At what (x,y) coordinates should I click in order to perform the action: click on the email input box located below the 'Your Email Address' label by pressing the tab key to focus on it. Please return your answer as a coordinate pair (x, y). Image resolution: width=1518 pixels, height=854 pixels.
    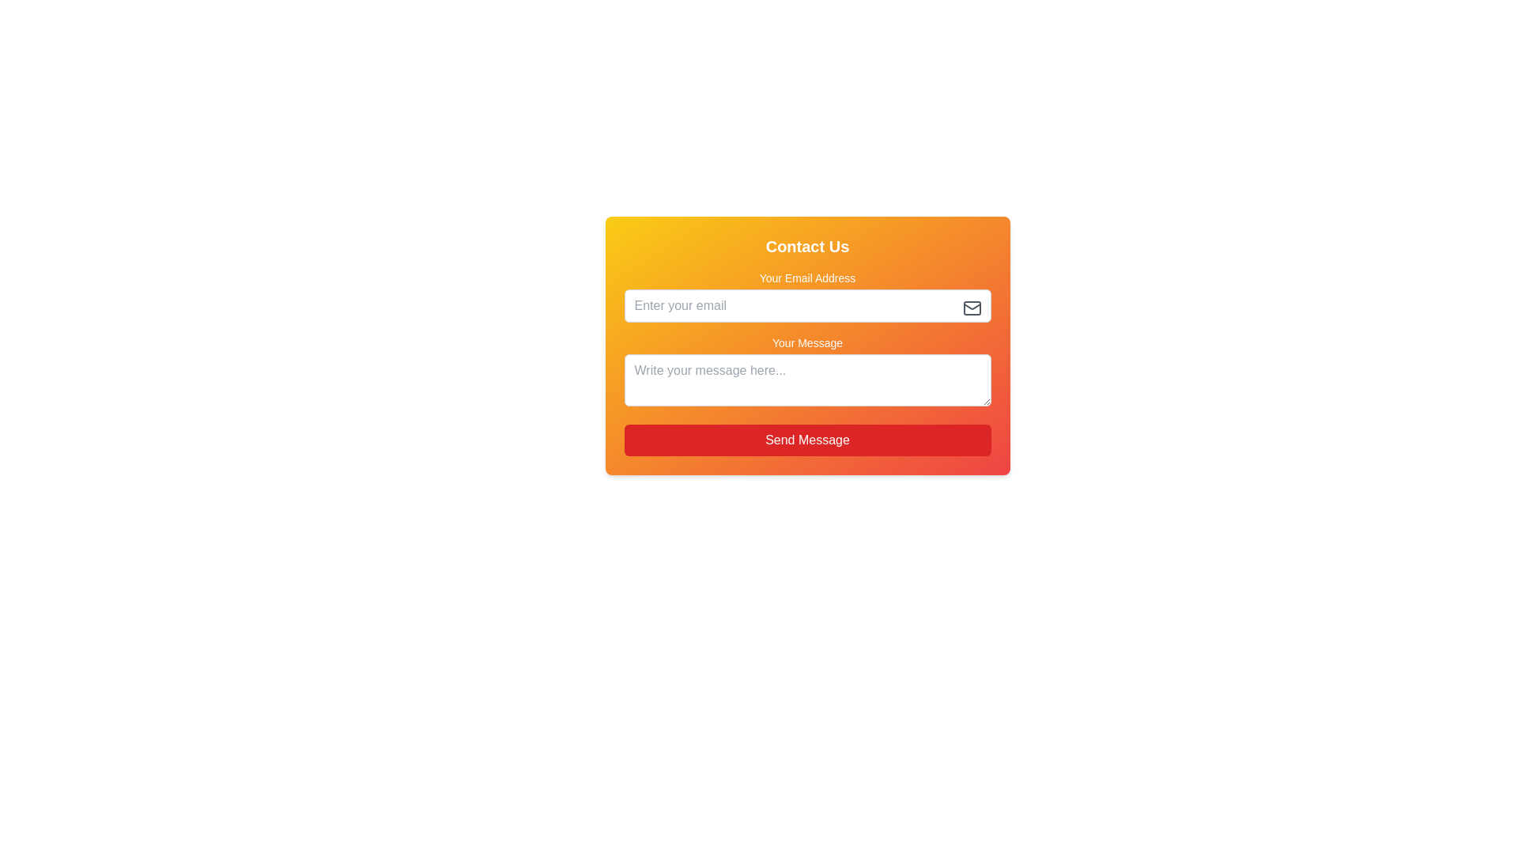
    Looking at the image, I should click on (807, 305).